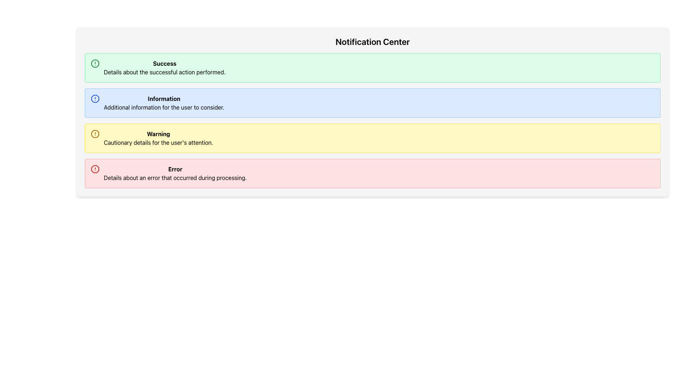 This screenshot has height=388, width=690. Describe the element at coordinates (372, 138) in the screenshot. I see `the third notification box in the vertically stacked list that serves as a warning notification` at that location.